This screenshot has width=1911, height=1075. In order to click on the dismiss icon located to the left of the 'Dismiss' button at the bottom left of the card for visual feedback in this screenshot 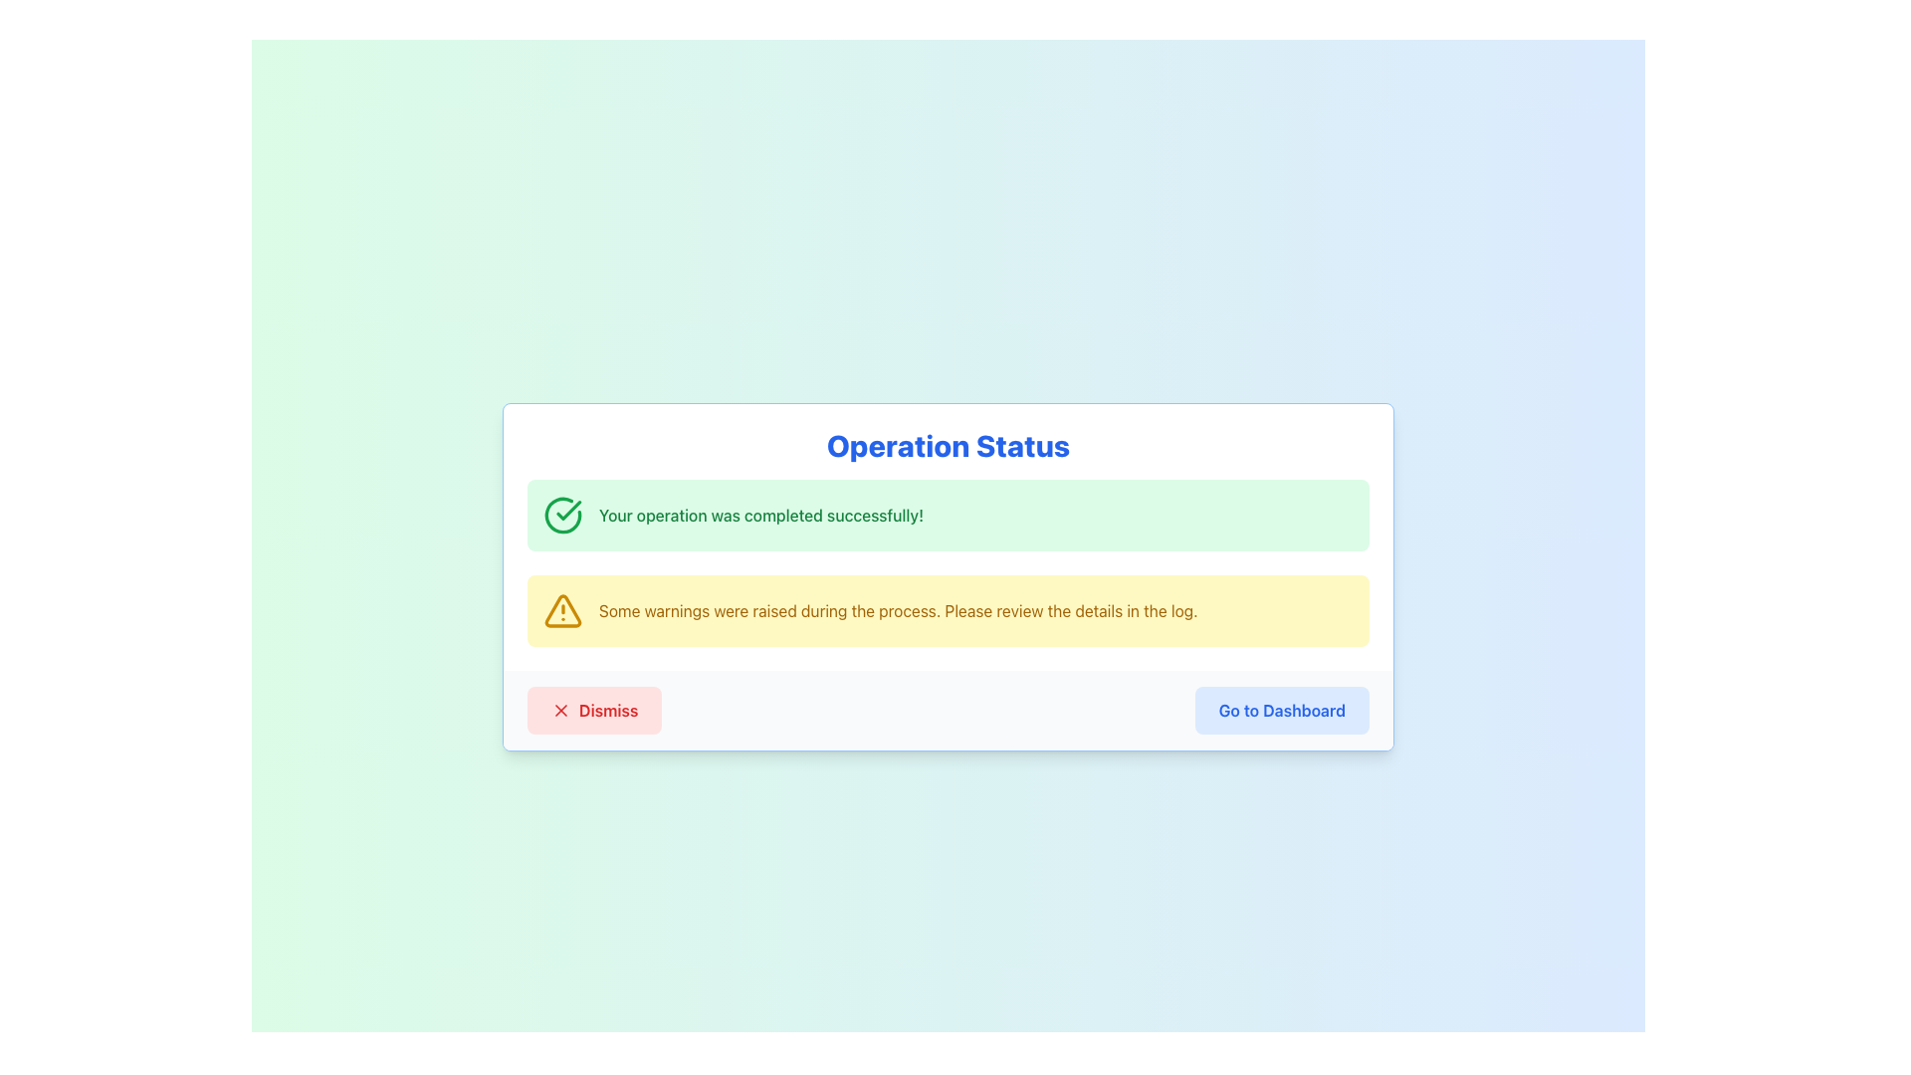, I will do `click(560, 709)`.